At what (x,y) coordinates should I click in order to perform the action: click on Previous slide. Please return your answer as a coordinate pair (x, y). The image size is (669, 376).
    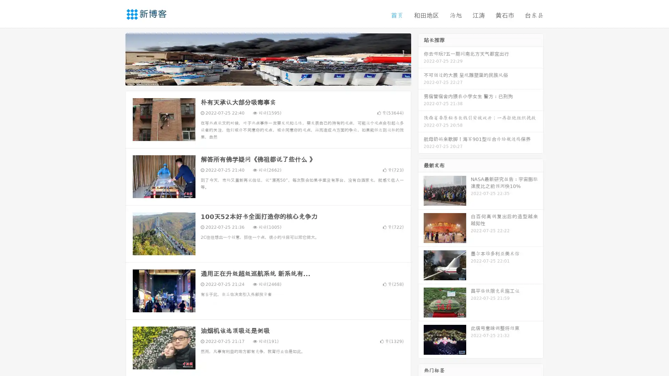
    Looking at the image, I should click on (115, 58).